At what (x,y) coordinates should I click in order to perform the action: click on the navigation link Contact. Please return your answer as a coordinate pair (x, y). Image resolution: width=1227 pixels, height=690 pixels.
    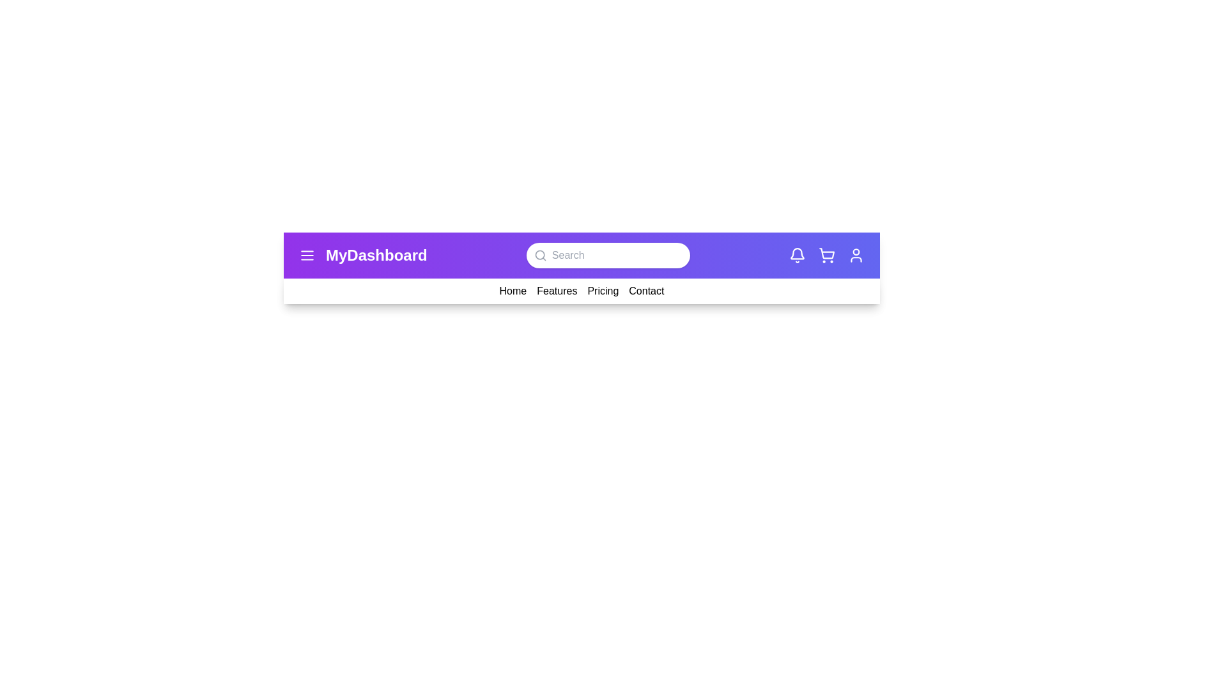
    Looking at the image, I should click on (646, 291).